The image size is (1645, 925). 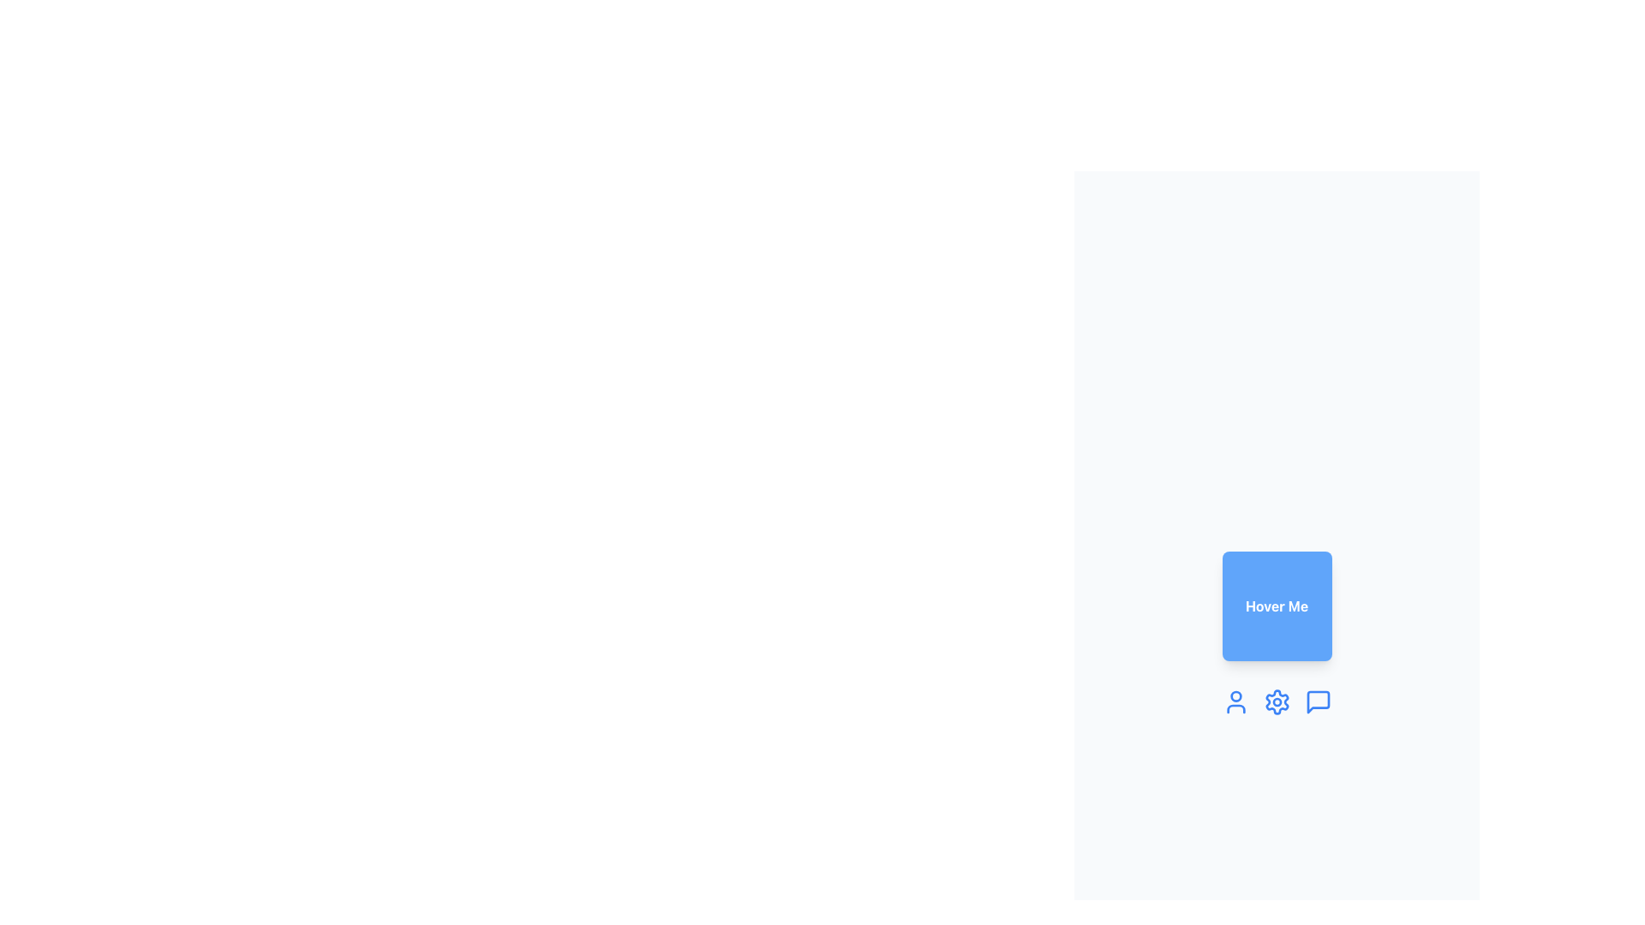 I want to click on the blue user profile avatar icon, which is the first icon in a row of three located below the 'Hover Me' button, so click(x=1235, y=702).